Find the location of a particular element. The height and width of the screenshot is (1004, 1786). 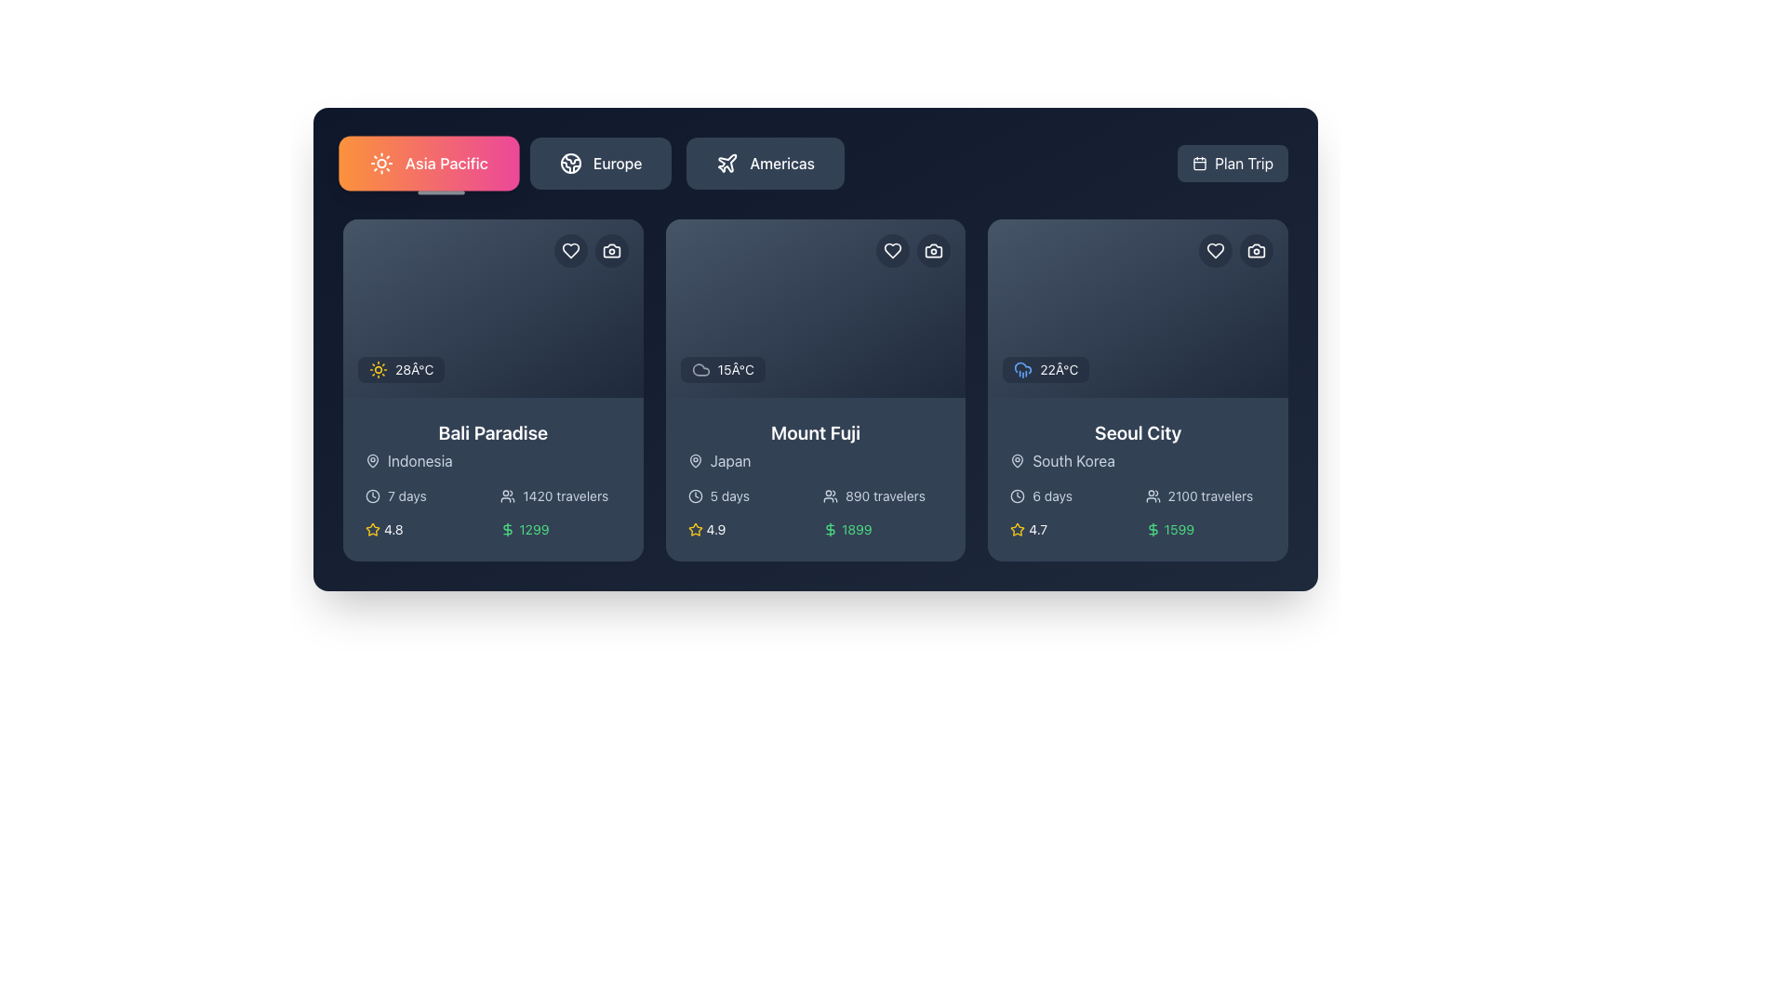

the currency icon located in the bottom-left part of the Bali Paradise card, which is aligned to the left of the text '1299' is located at coordinates (508, 530).